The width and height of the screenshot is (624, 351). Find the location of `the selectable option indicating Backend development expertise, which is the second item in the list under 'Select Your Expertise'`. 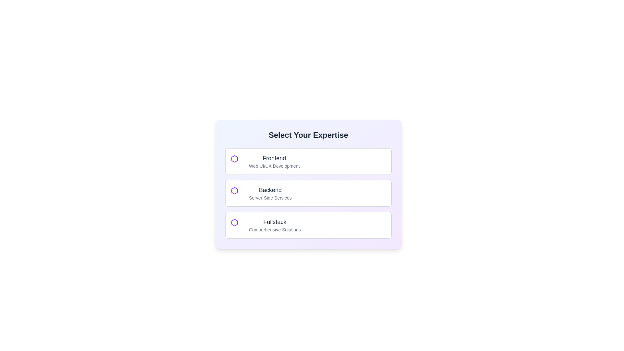

the selectable option indicating Backend development expertise, which is the second item in the list under 'Select Your Expertise' is located at coordinates (270, 193).